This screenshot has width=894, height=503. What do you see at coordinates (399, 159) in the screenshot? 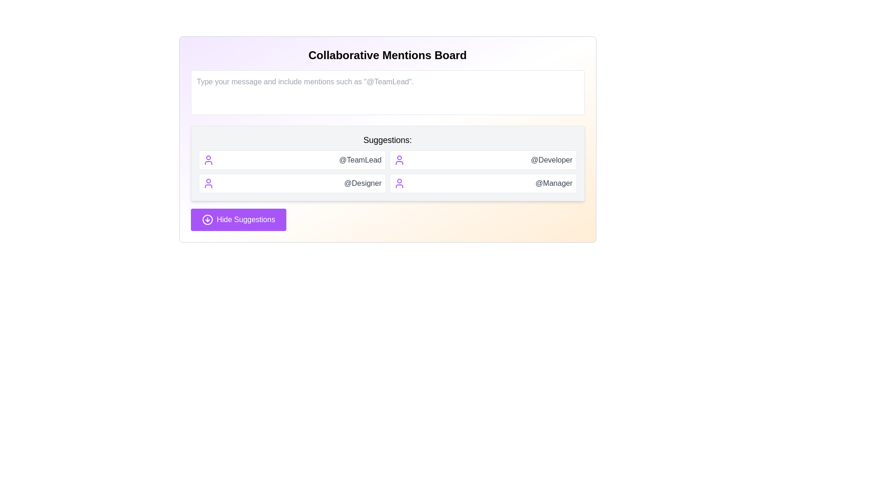
I see `the purple user outline icon located to the left of the '@Developer' text in the 'Suggestions' section of the 'Collaborative Mentions Board'` at bounding box center [399, 159].